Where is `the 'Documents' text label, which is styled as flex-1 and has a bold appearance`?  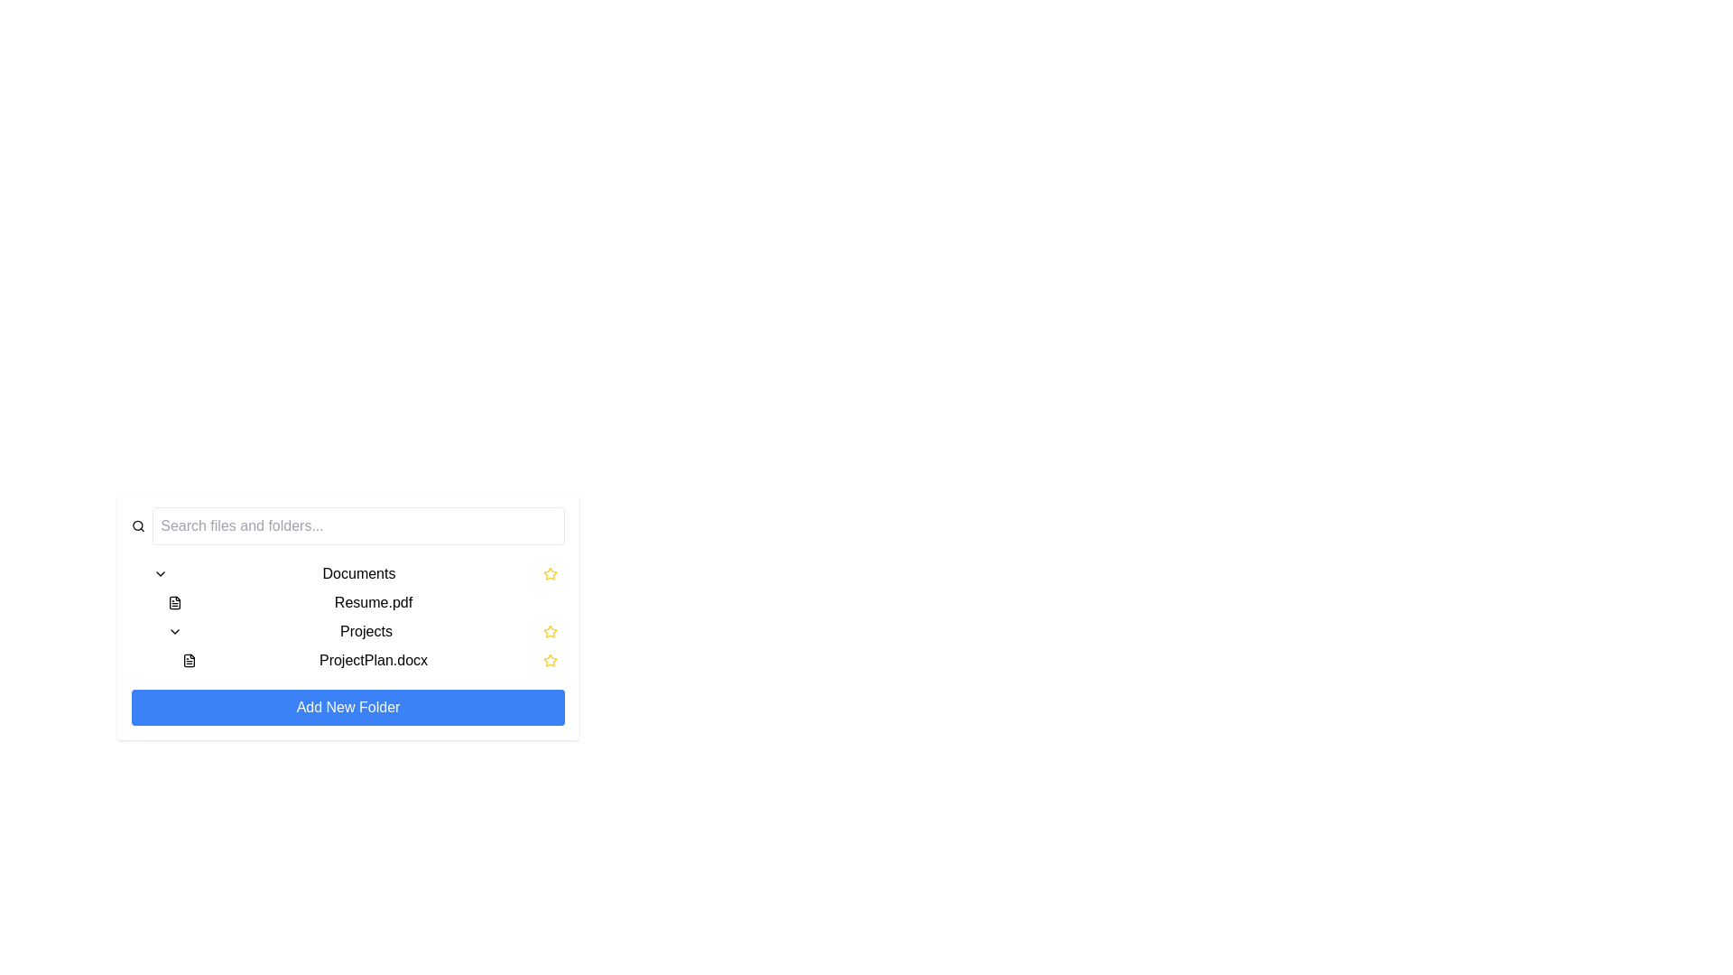 the 'Documents' text label, which is styled as flex-1 and has a bold appearance is located at coordinates (359, 574).